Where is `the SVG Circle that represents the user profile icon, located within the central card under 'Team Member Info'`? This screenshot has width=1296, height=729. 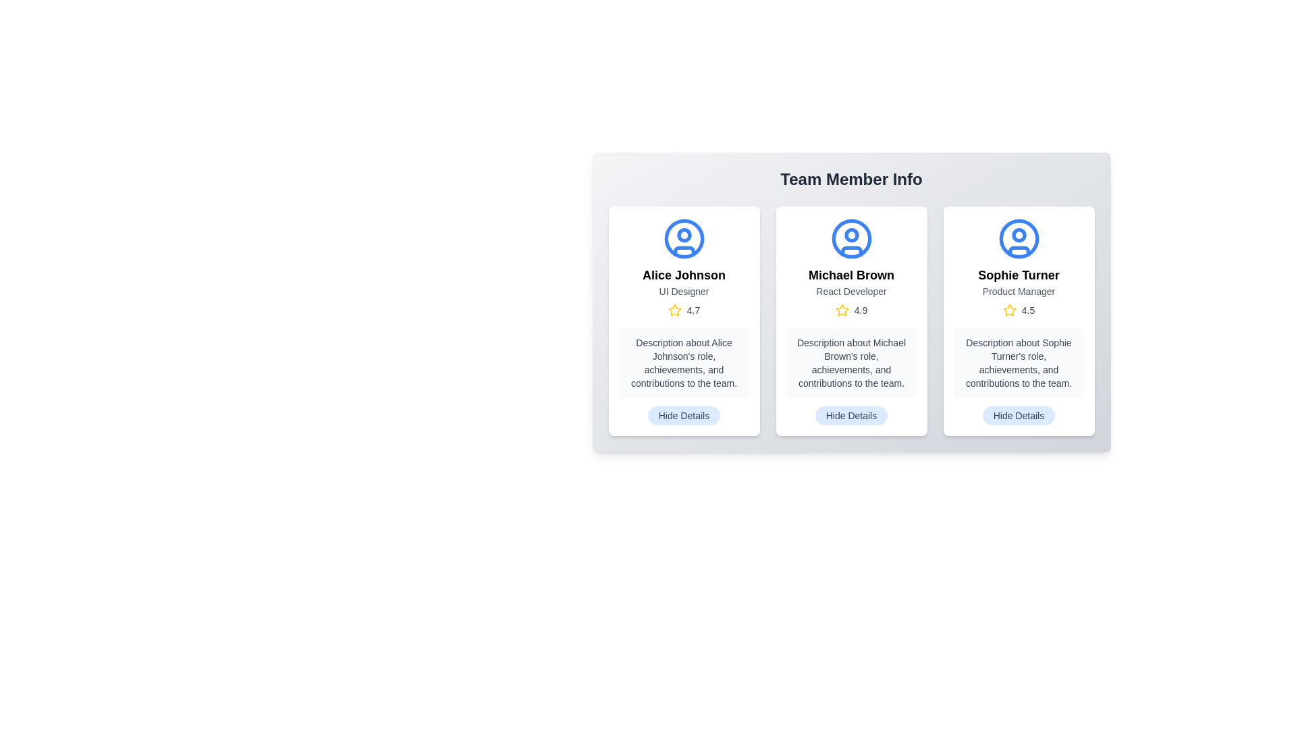
the SVG Circle that represents the user profile icon, located within the central card under 'Team Member Info' is located at coordinates (850, 238).